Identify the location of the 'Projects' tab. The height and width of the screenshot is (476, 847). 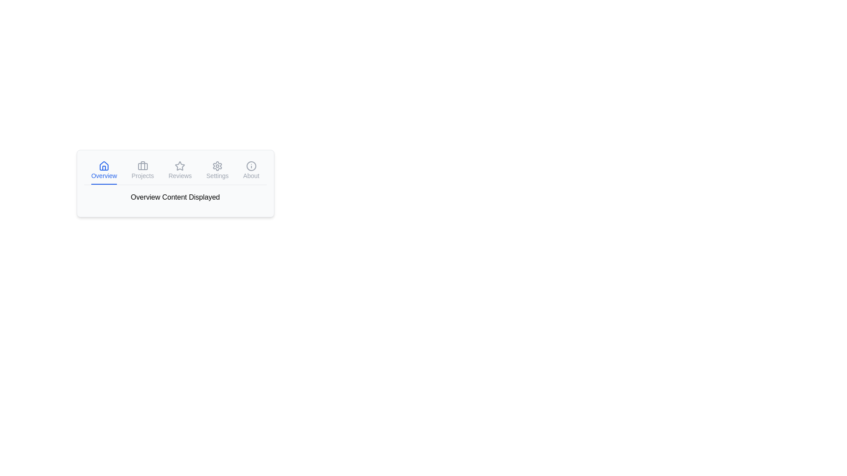
(142, 171).